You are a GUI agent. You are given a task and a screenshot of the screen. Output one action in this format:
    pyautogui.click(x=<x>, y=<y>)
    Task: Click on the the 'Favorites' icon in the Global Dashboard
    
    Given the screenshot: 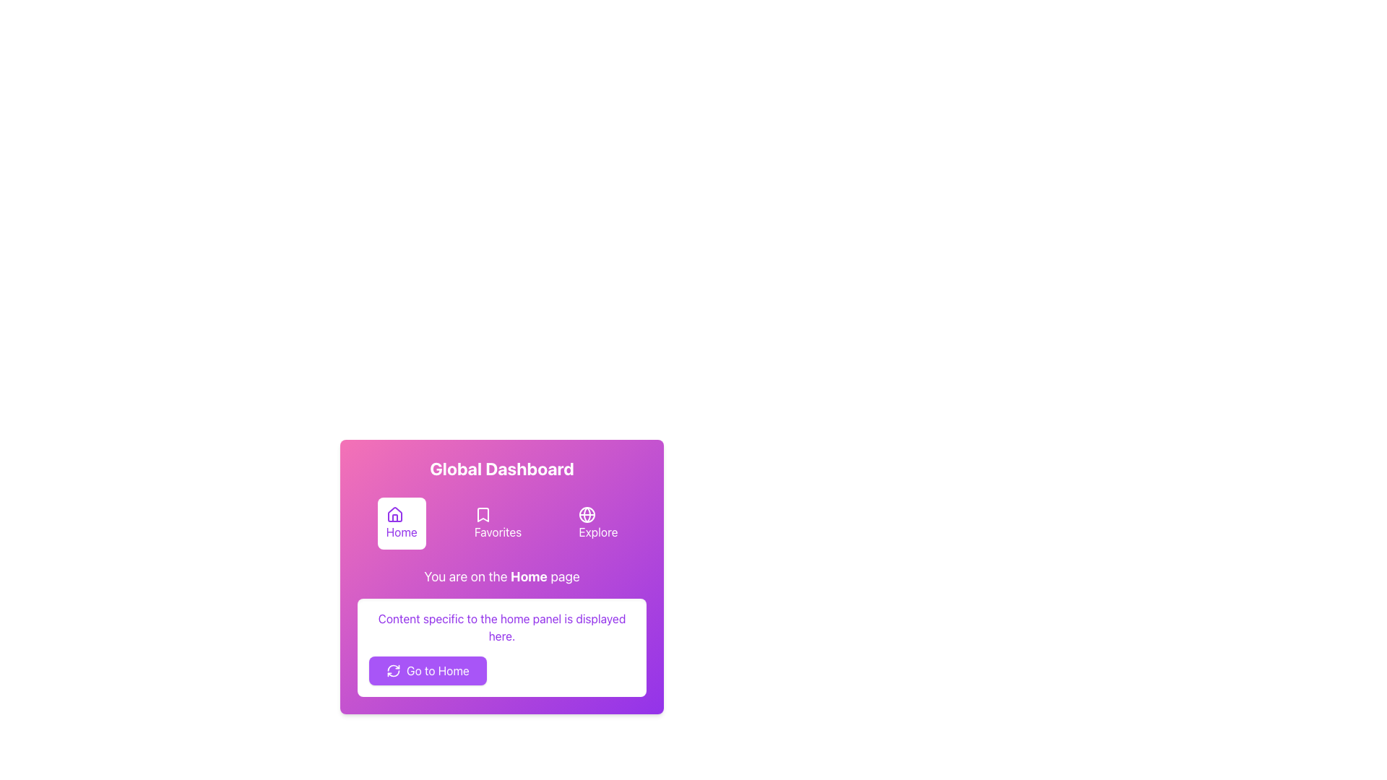 What is the action you would take?
    pyautogui.click(x=483, y=514)
    